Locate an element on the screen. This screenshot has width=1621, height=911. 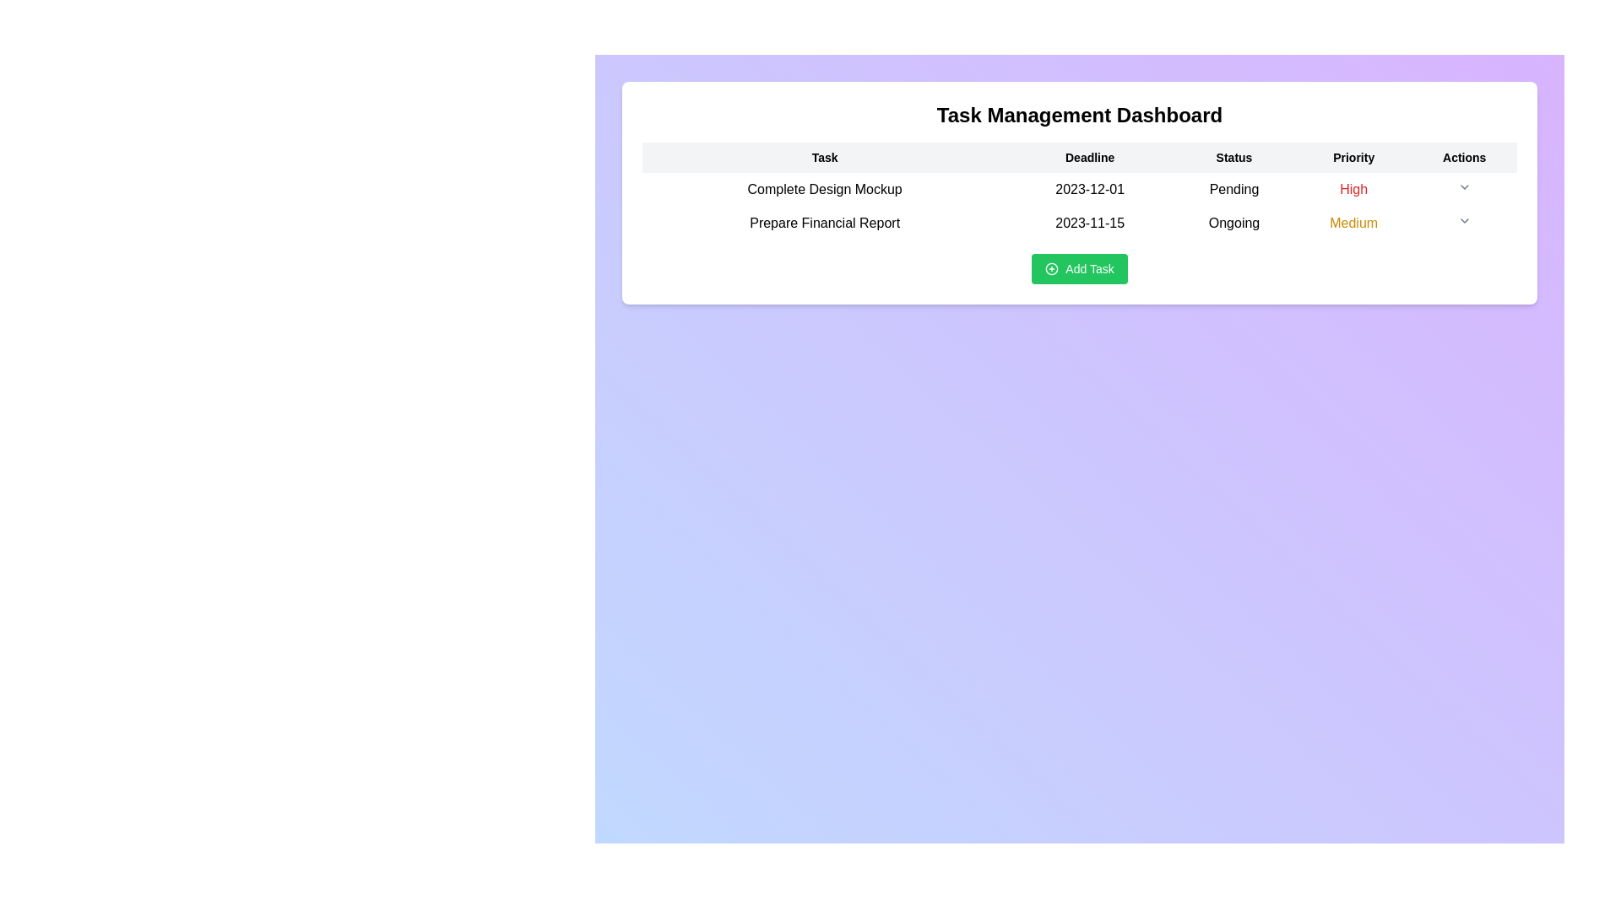
the non-interactive text label displaying the deadline for the 'Complete Design Mockup' task, located in the second cell of the row, between the task name and the 'Pending' status is located at coordinates (1090, 189).